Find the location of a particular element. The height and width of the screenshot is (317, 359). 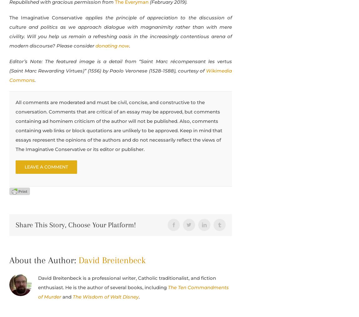

'Editor’s Note: The featured image is a detail from “Saint Marc récompensant les' is located at coordinates (113, 61).